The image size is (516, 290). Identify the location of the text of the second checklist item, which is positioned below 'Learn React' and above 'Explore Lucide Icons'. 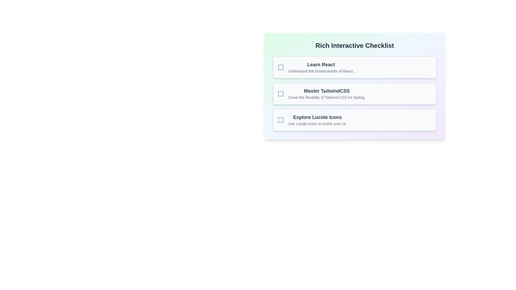
(355, 93).